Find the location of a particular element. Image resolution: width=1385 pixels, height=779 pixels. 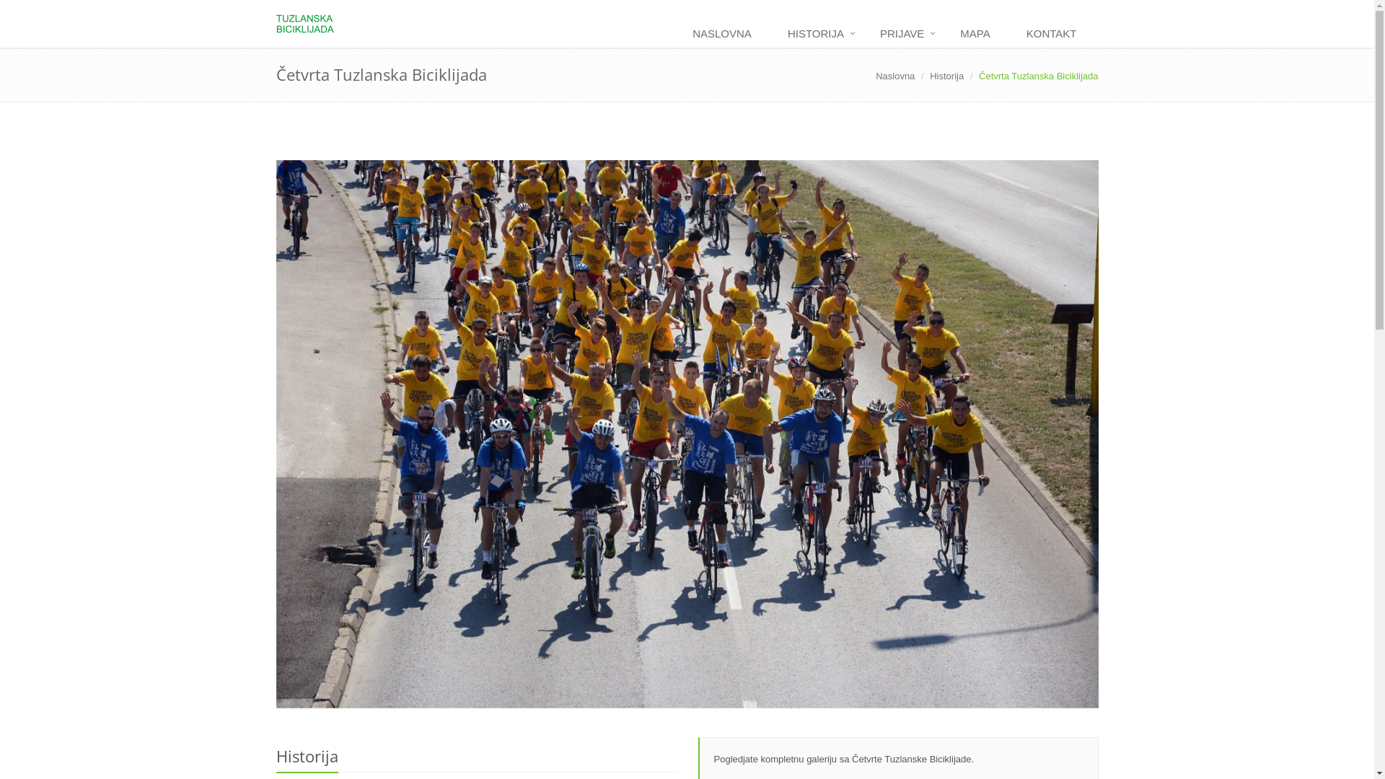

'PRIJAVE' is located at coordinates (866, 33).